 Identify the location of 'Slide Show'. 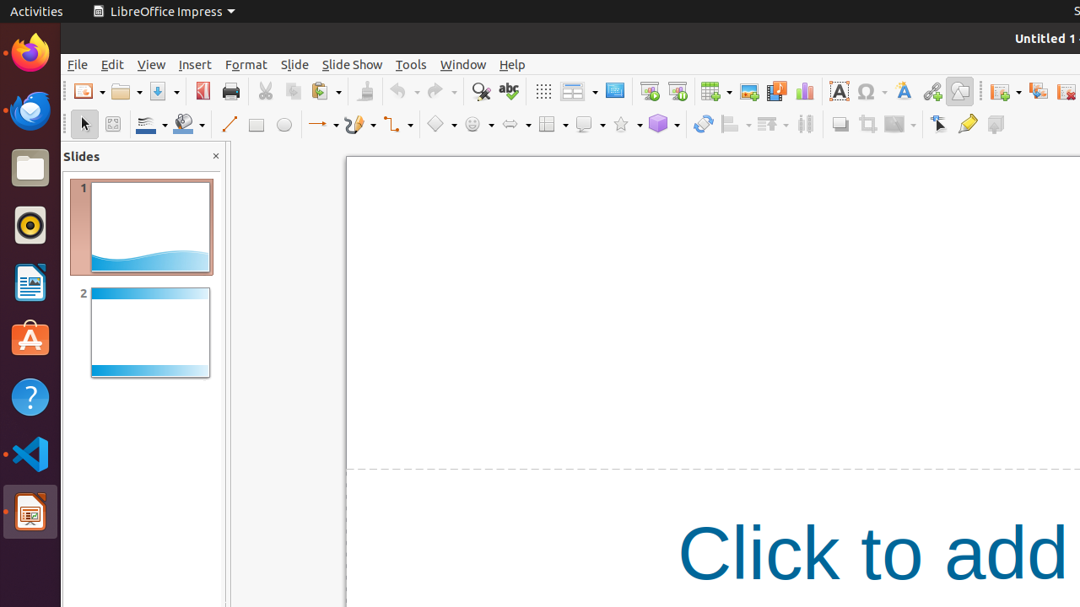
(351, 63).